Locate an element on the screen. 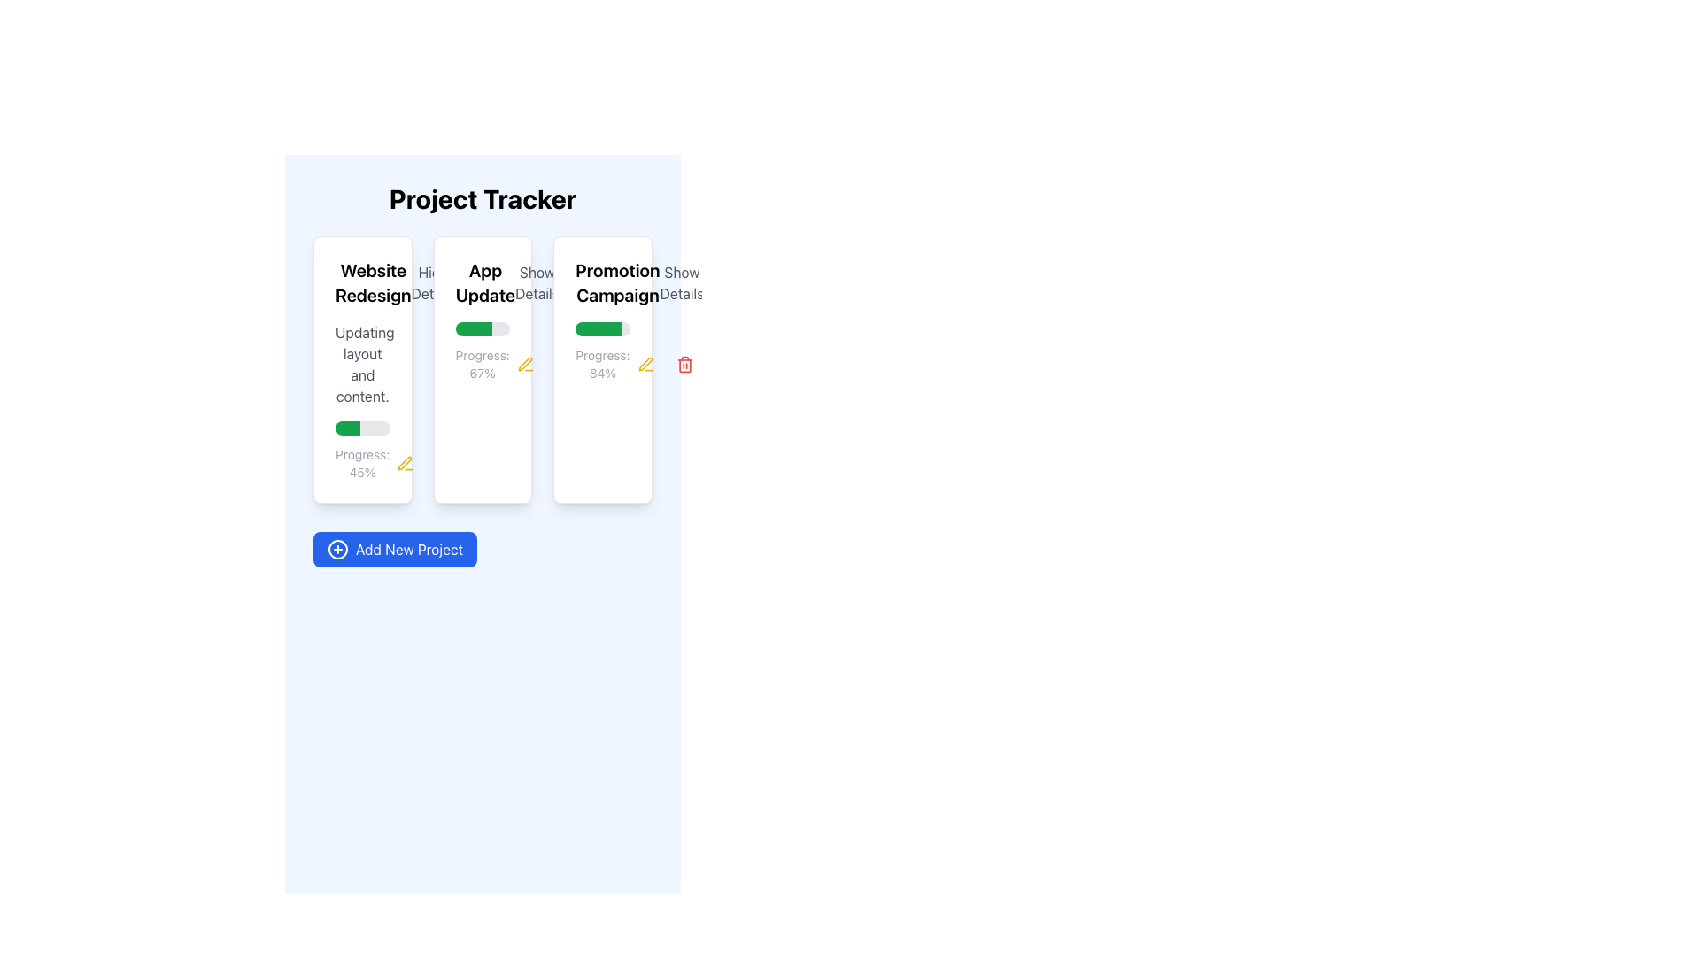 The width and height of the screenshot is (1700, 956). the button or link located to the right of the 'Promotion Campaign' text is located at coordinates (681, 282).